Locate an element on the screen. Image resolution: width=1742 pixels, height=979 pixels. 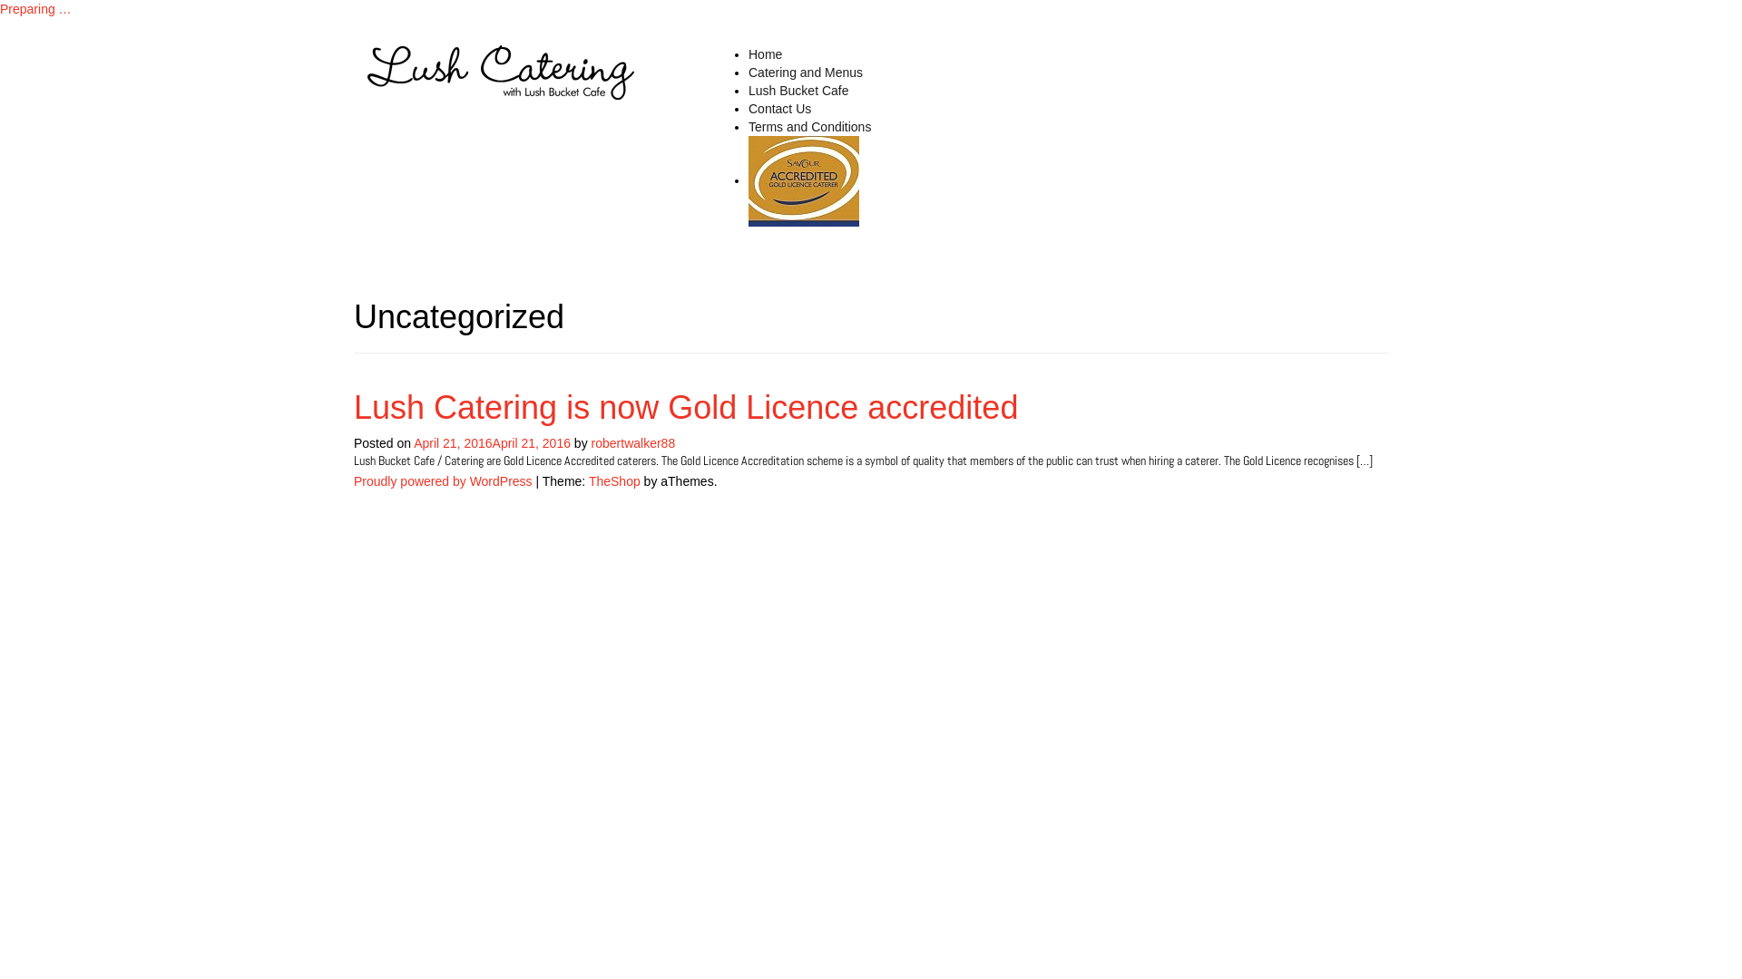
'Lush Catering is now Gold Licence accredited' is located at coordinates (803, 181).